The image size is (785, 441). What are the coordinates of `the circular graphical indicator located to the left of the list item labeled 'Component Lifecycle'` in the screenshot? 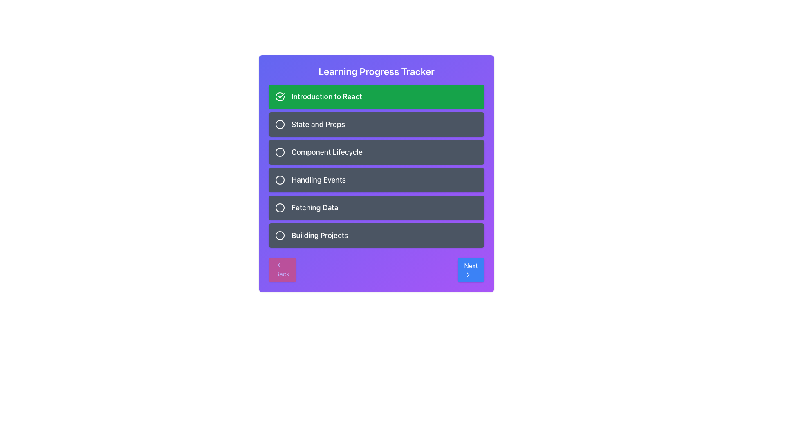 It's located at (280, 152).